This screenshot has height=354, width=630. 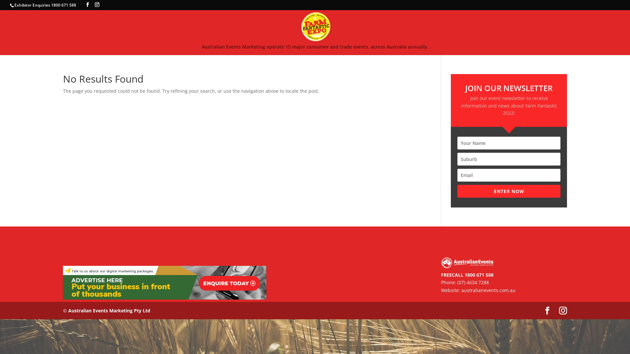 I want to click on '(07) 4634 7288', so click(x=473, y=282).